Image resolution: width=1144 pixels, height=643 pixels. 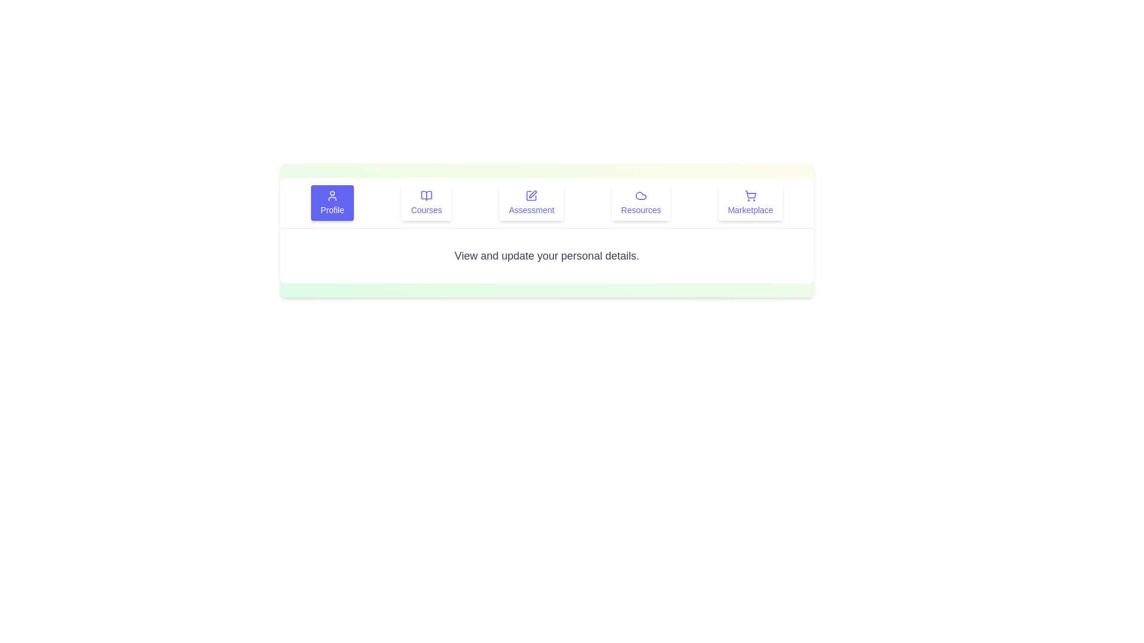 What do you see at coordinates (426, 195) in the screenshot?
I see `the 'Courses' icon, which resembles an open book with a two-page design in the horizontal menu bar` at bounding box center [426, 195].